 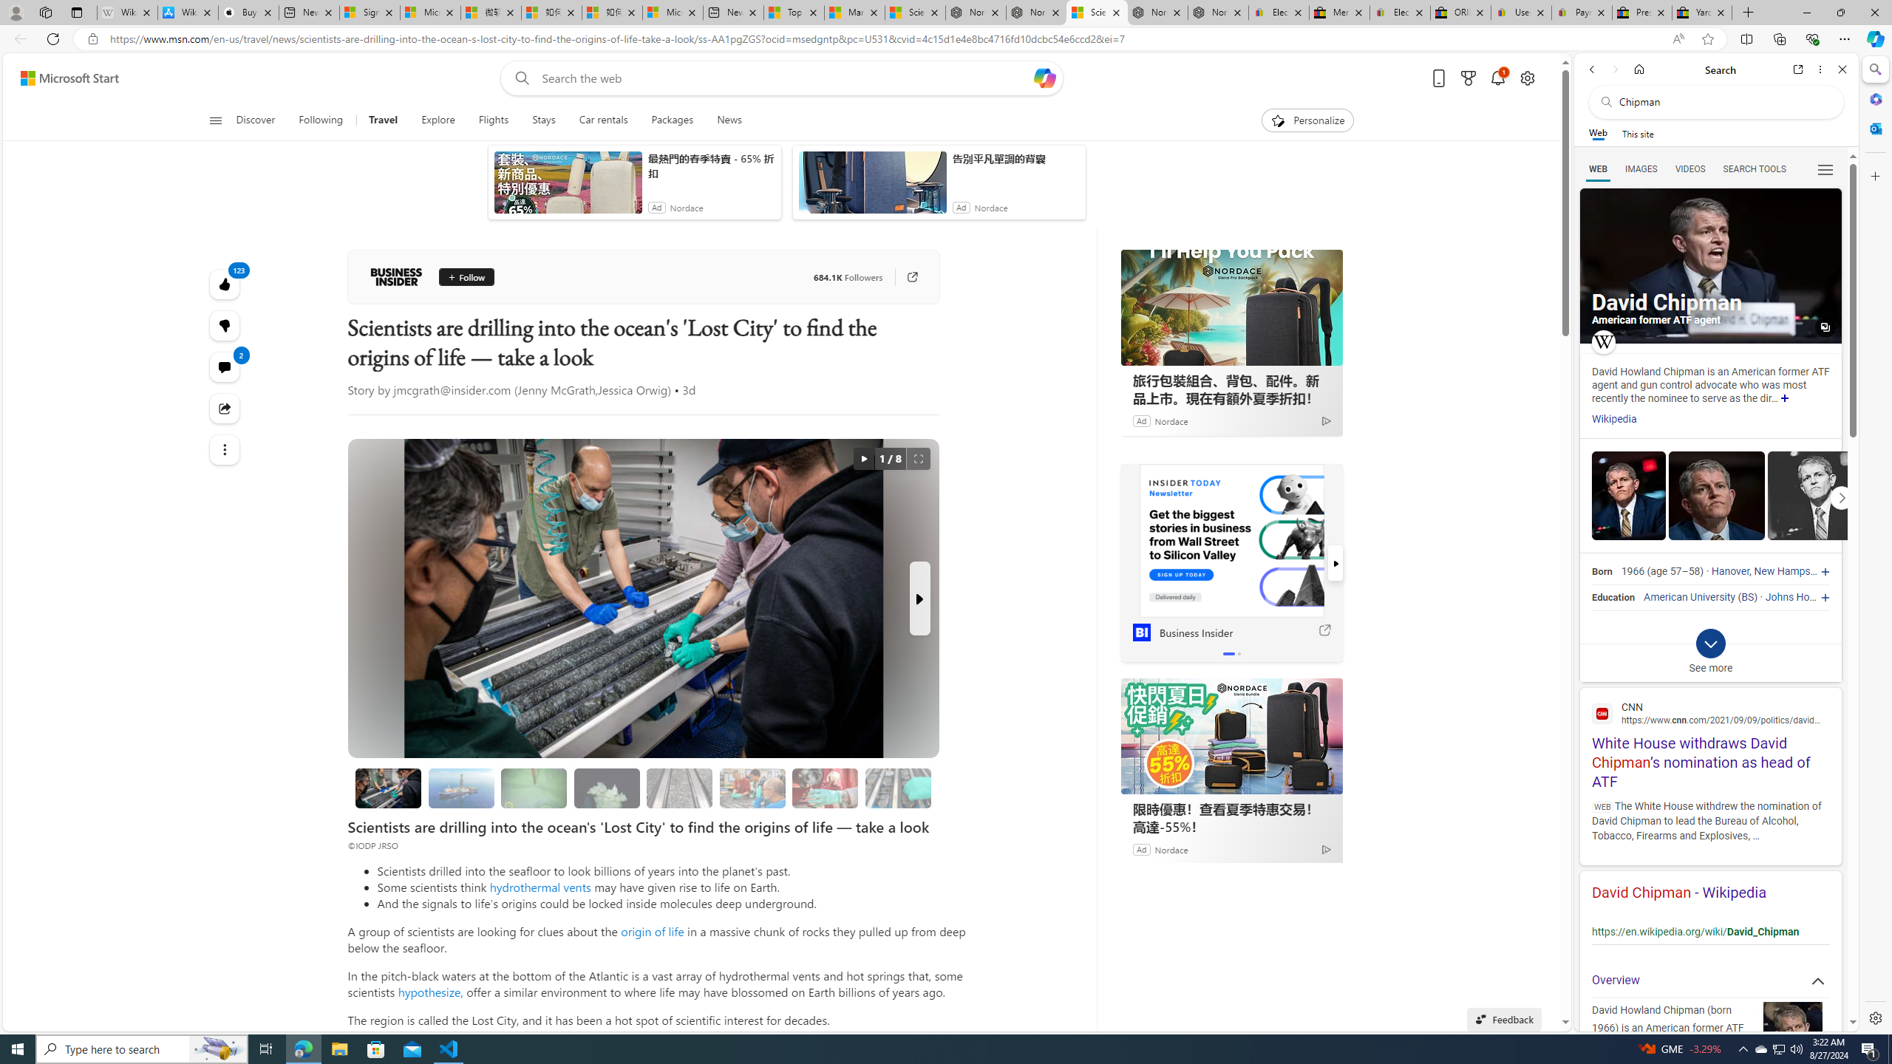 I want to click on 'Looking for evidence of oxygen-free life', so click(x=751, y=788).